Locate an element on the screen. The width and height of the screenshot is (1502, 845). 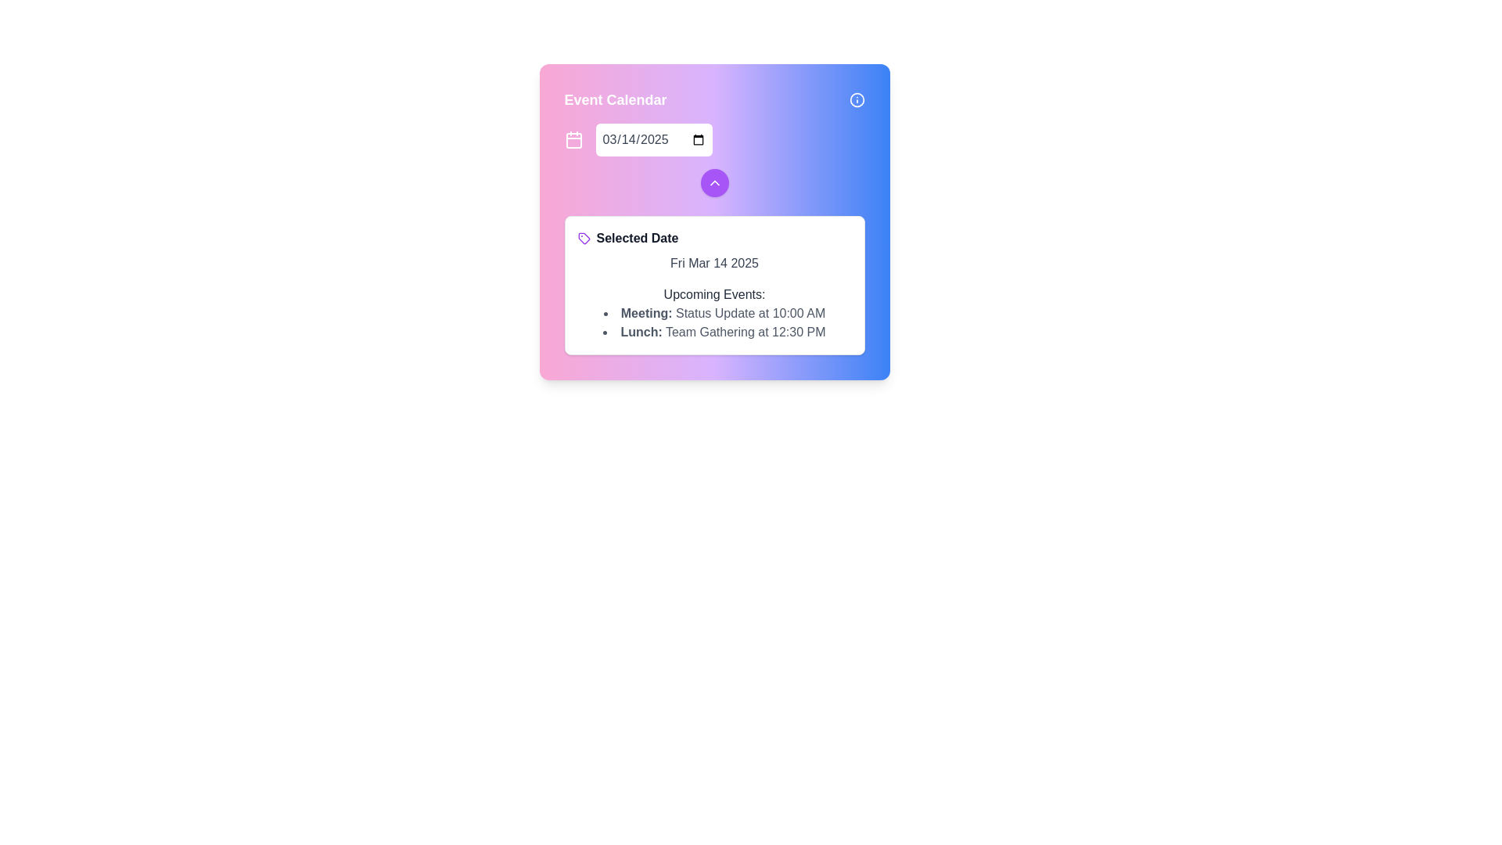
the upward-pointing chevron icon located at the center of the purple circular button is located at coordinates (713, 182).